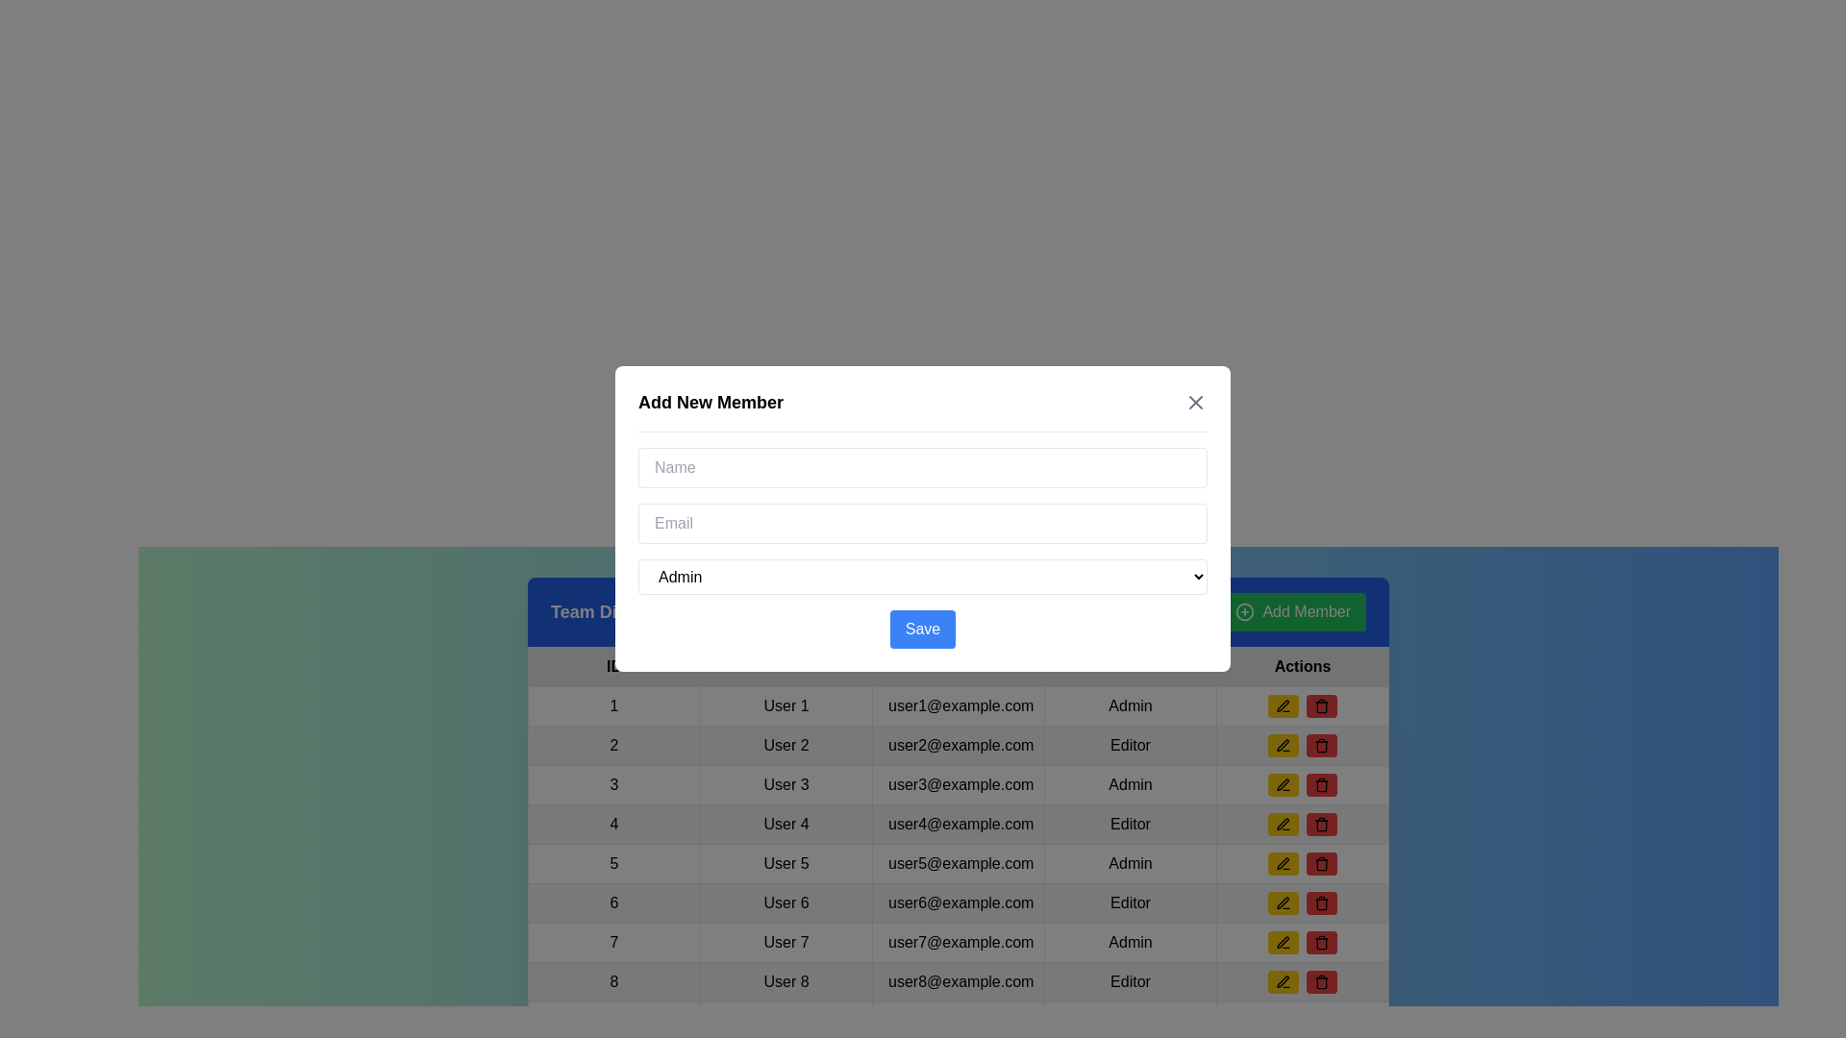  What do you see at coordinates (1194, 402) in the screenshot?
I see `the close button located in the top-right corner of the 'Add New Member' modal header` at bounding box center [1194, 402].